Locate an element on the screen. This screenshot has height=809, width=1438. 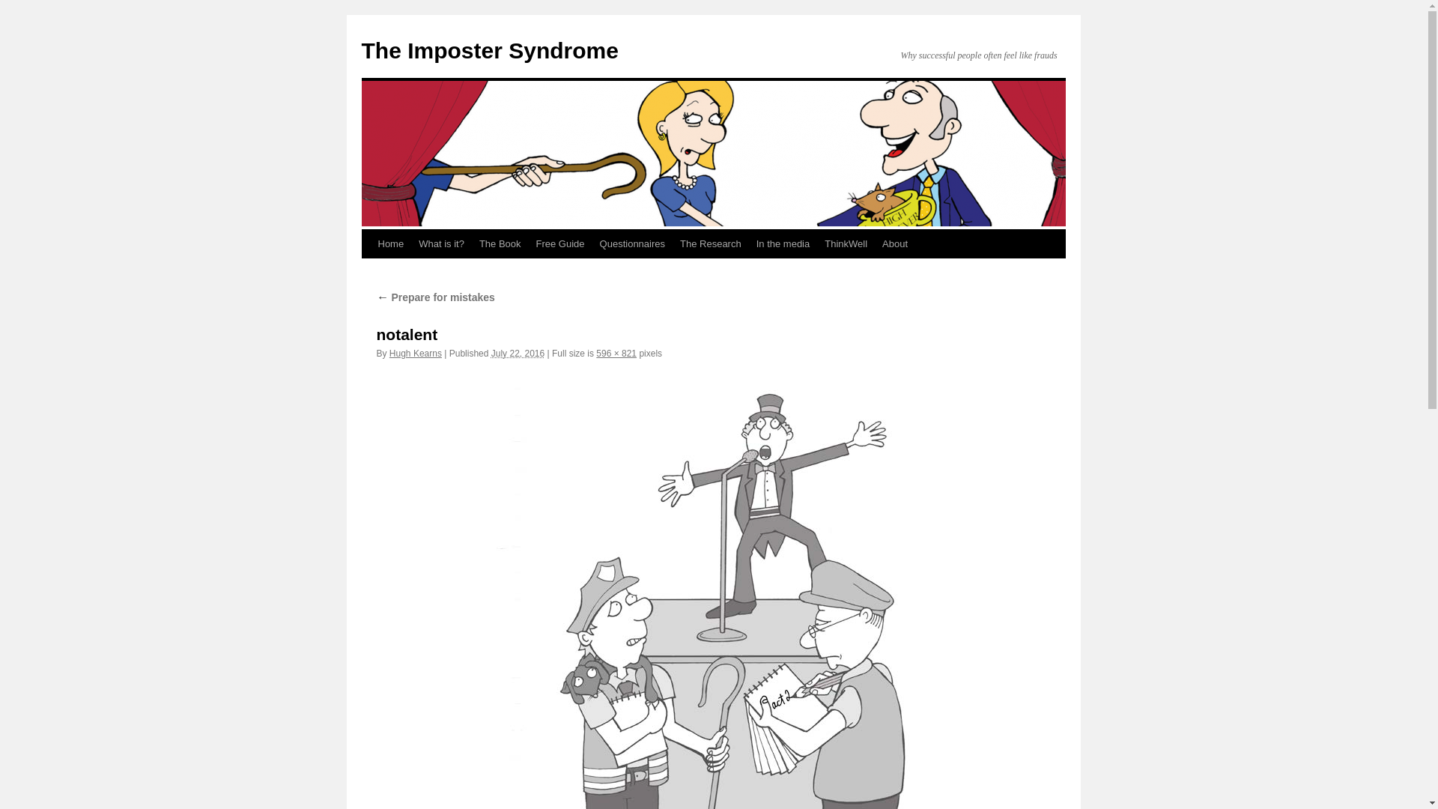
'In the media' is located at coordinates (783, 243).